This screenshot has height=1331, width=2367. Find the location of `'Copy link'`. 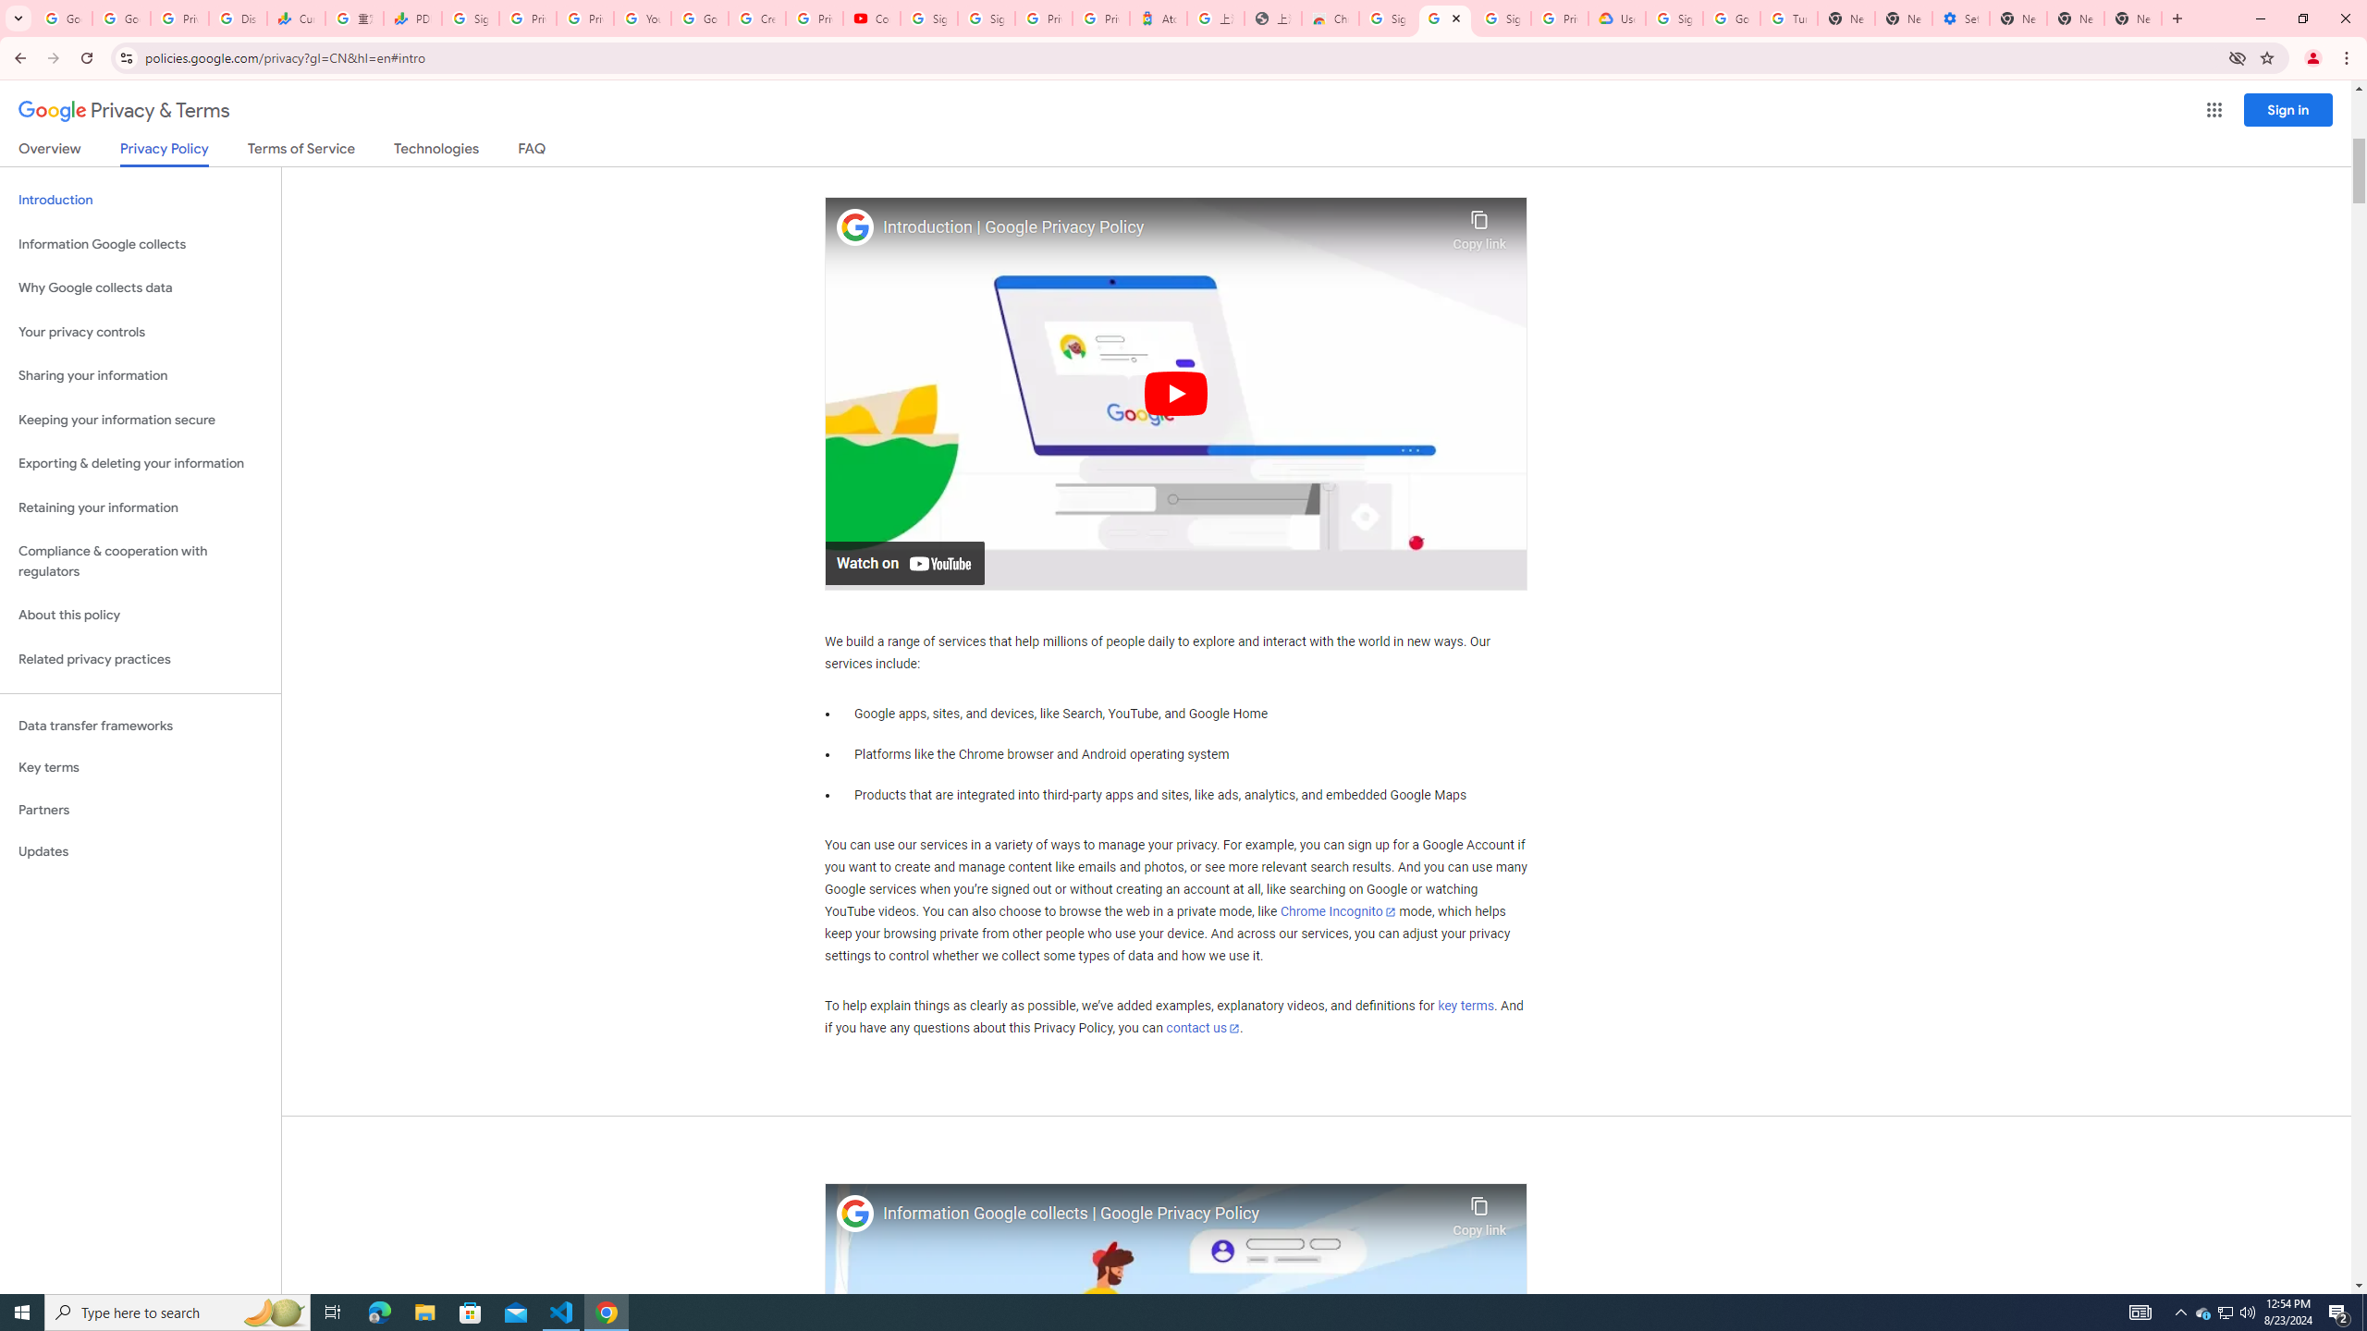

'Copy link' is located at coordinates (1478, 1211).